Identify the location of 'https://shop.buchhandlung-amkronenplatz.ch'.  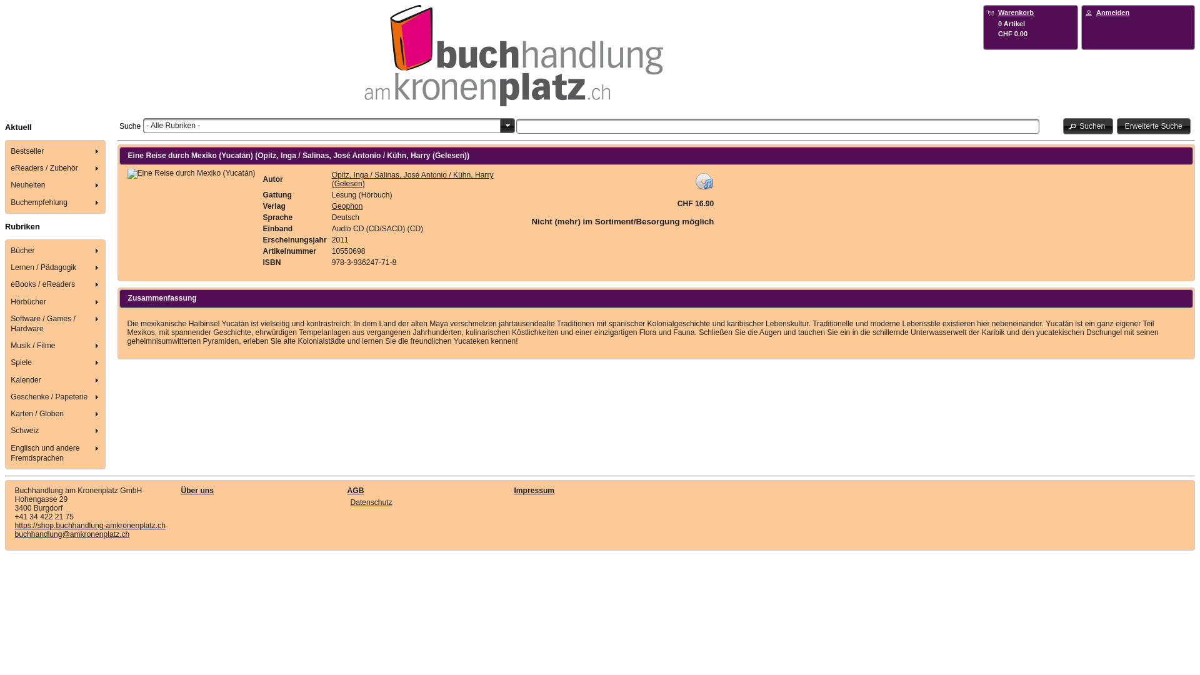
(89, 525).